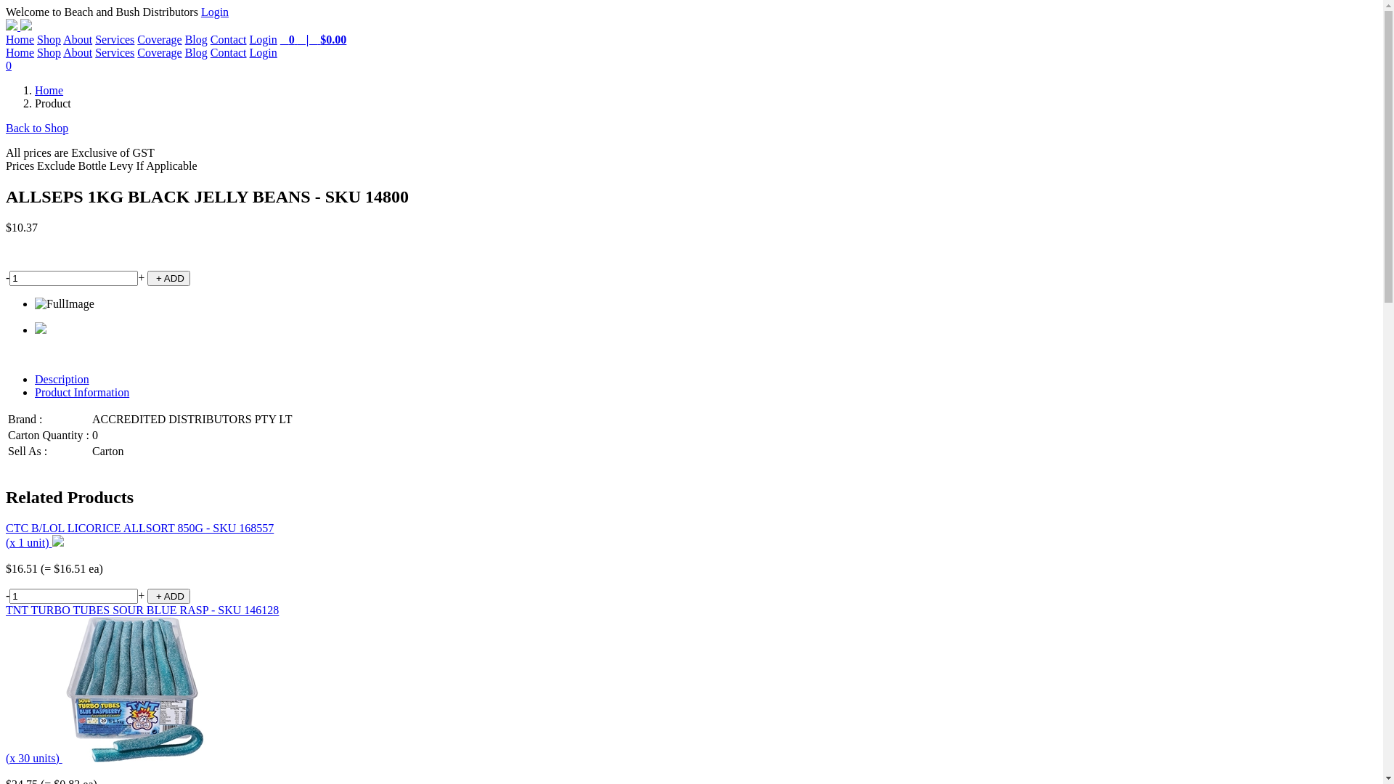 The width and height of the screenshot is (1394, 784). Describe the element at coordinates (37, 127) in the screenshot. I see `'Back to Shop'` at that location.